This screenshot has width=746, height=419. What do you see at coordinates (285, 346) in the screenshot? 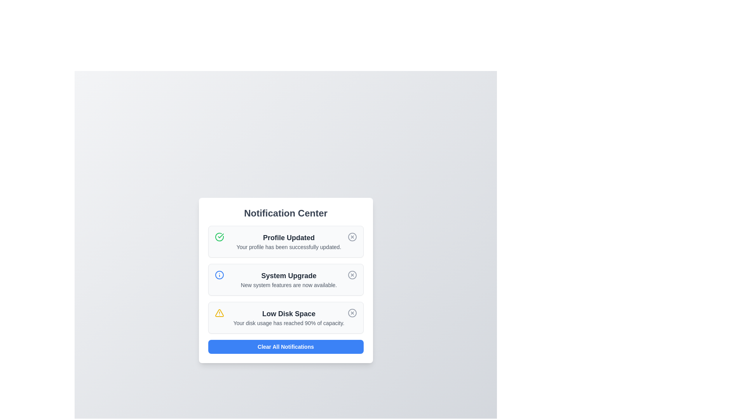
I see `the clear notifications button located at the bottom of the notification panel to observe a color change` at bounding box center [285, 346].